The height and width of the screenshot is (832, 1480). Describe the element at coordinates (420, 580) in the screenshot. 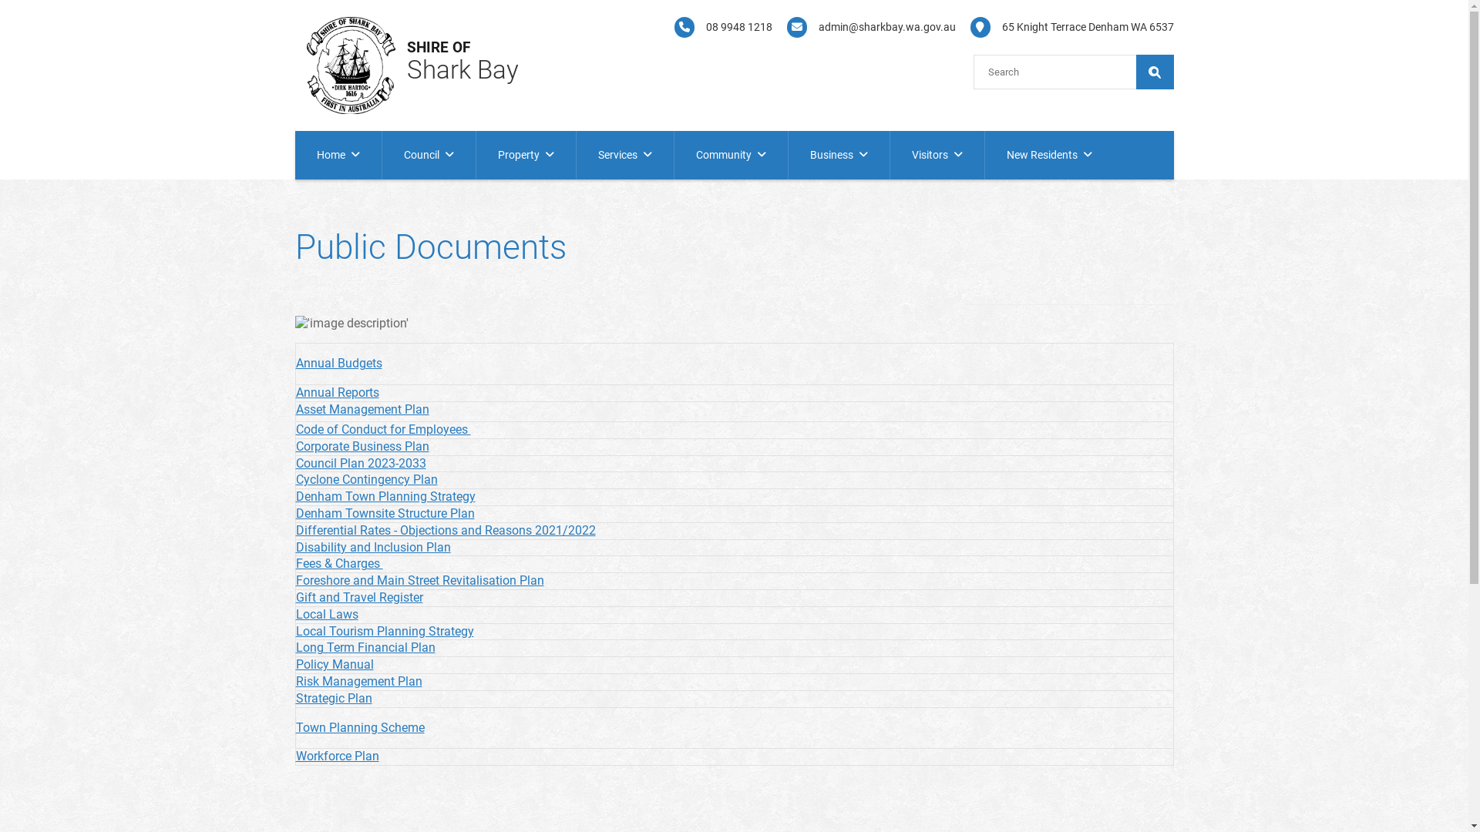

I see `'Foreshore and Main Street Revitalisation Plan'` at that location.